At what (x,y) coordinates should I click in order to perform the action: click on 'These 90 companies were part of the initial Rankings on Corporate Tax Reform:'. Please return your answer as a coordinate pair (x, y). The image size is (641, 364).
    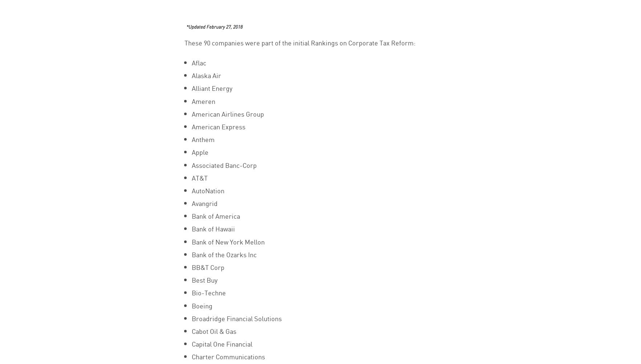
    Looking at the image, I should click on (299, 42).